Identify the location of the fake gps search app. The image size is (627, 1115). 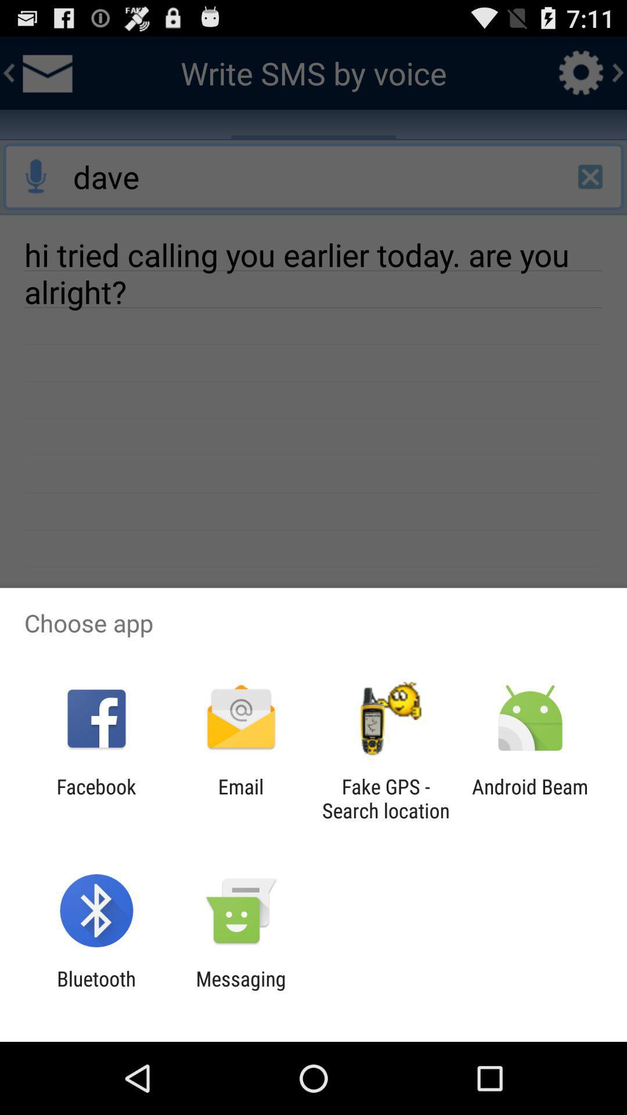
(385, 798).